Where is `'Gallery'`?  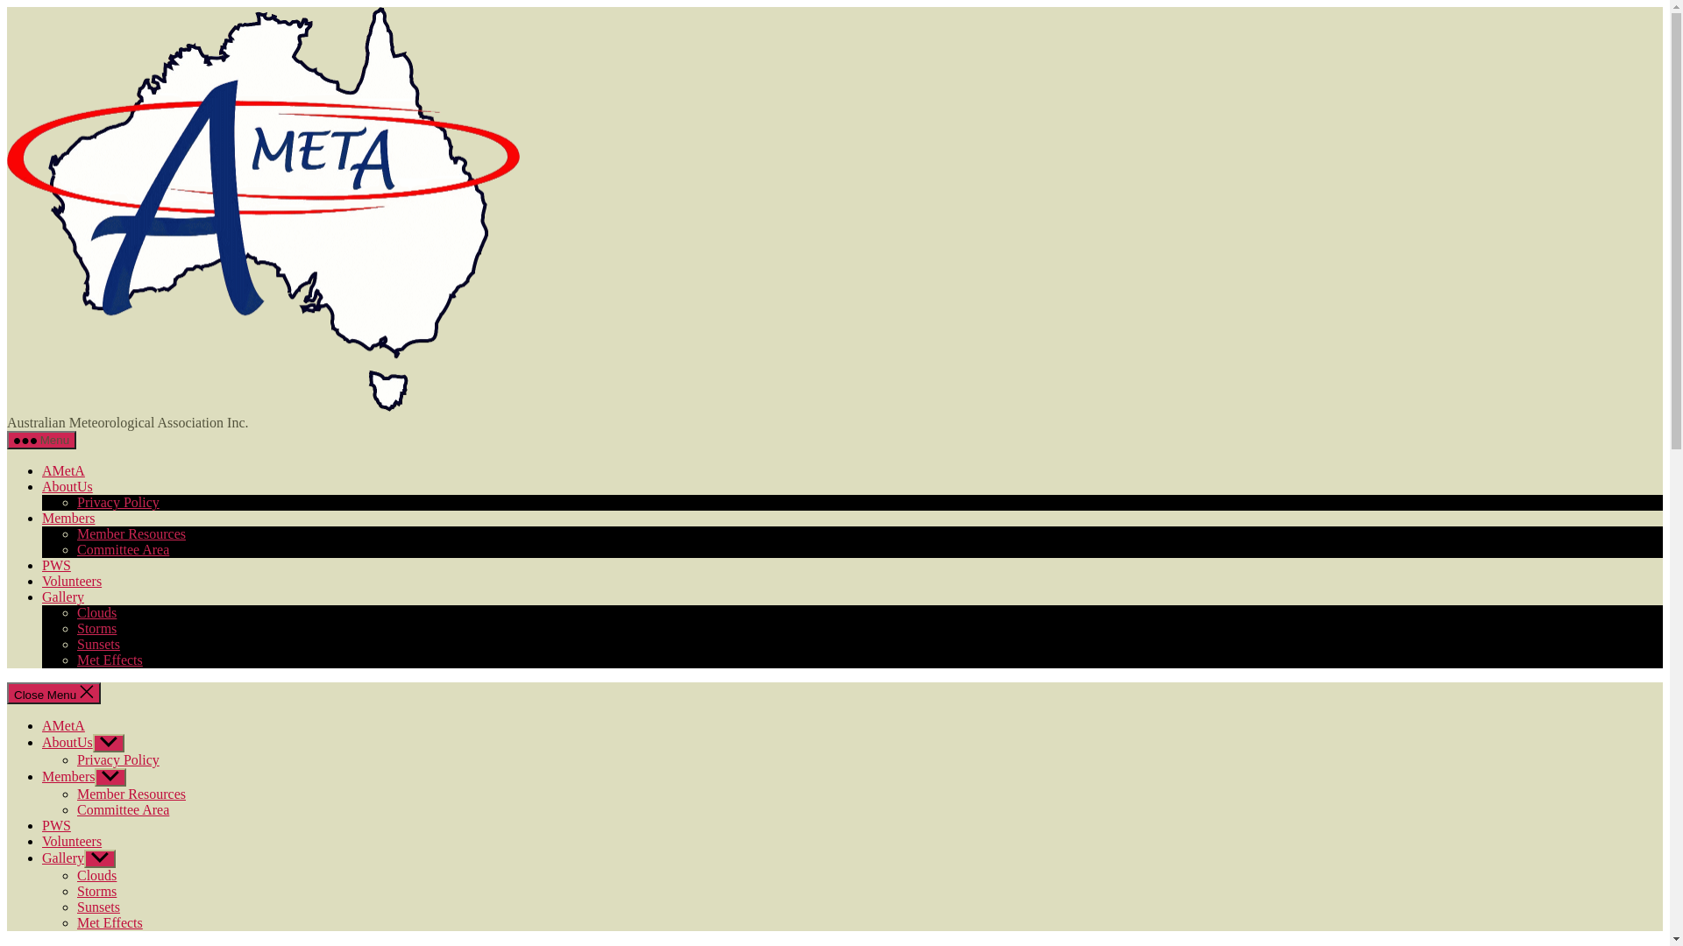 'Gallery' is located at coordinates (63, 596).